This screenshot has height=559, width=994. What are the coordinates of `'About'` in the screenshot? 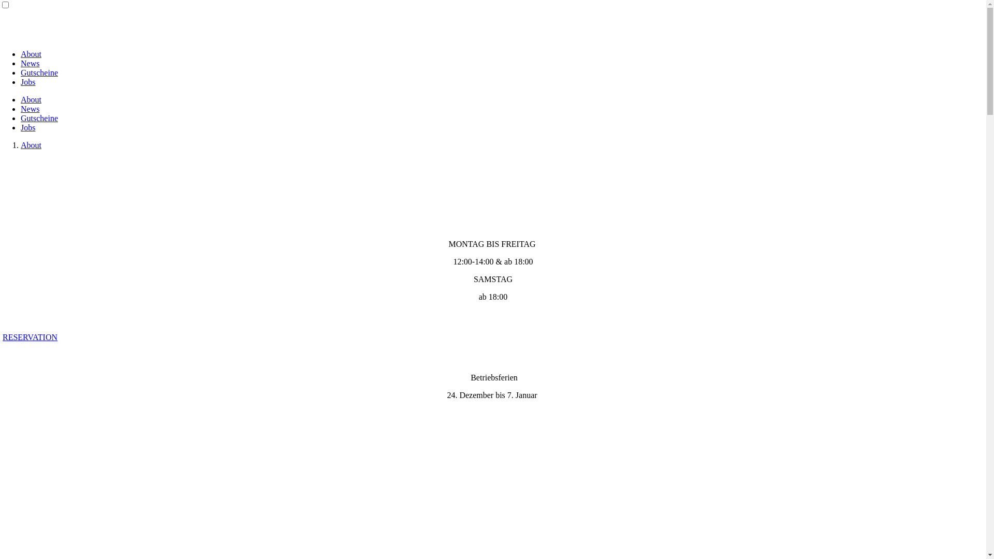 It's located at (31, 99).